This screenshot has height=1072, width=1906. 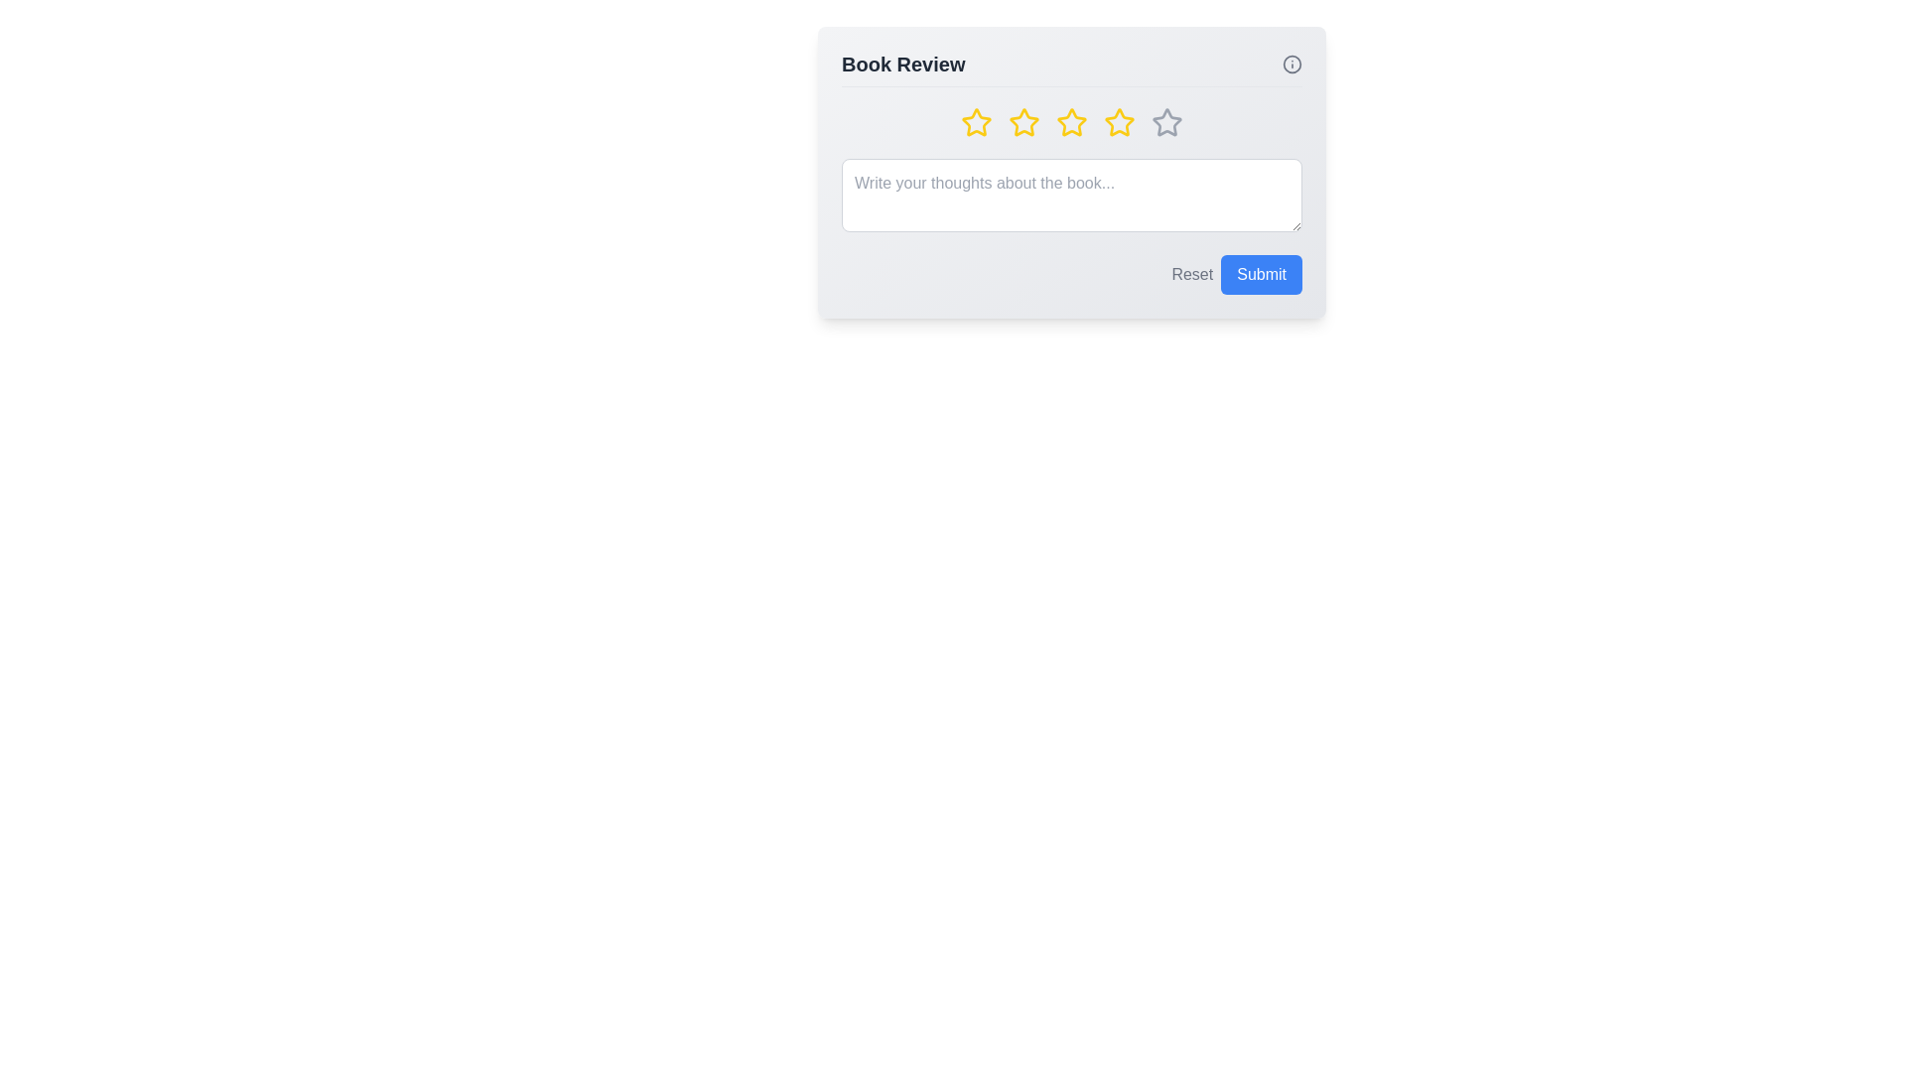 I want to click on the star corresponding to the desired rating 4, so click(x=1120, y=122).